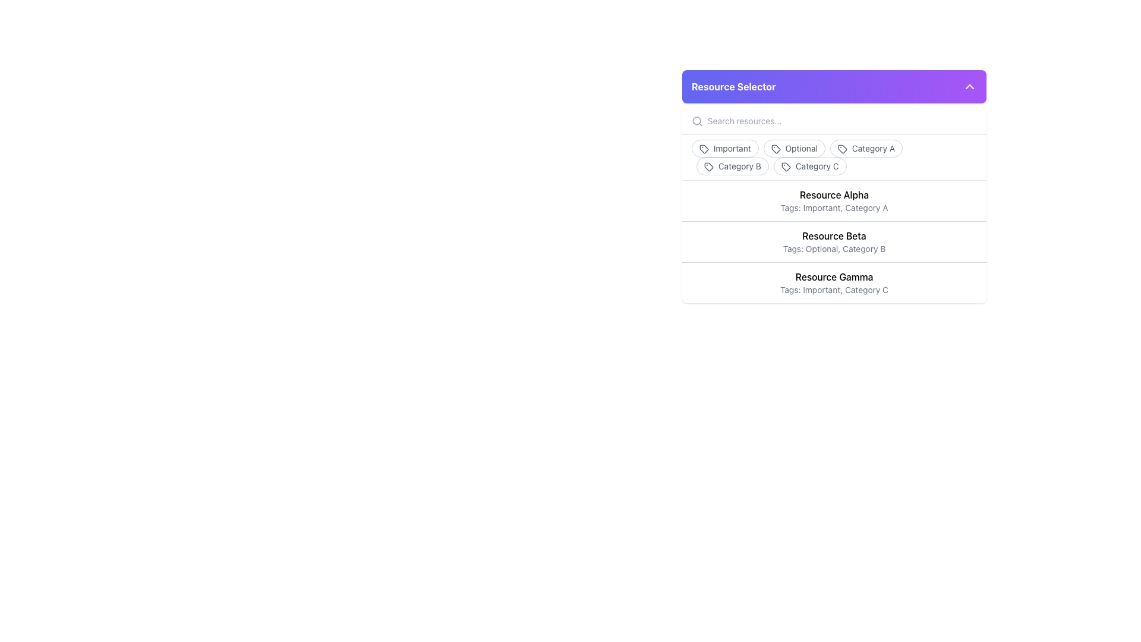 The height and width of the screenshot is (642, 1141). I want to click on the third list item in the 'Resource Selector' dropdown, which informs users about 'Resource Gamma', so click(833, 282).